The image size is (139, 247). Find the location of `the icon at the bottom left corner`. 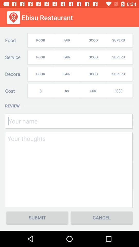

the icon at the bottom left corner is located at coordinates (37, 217).